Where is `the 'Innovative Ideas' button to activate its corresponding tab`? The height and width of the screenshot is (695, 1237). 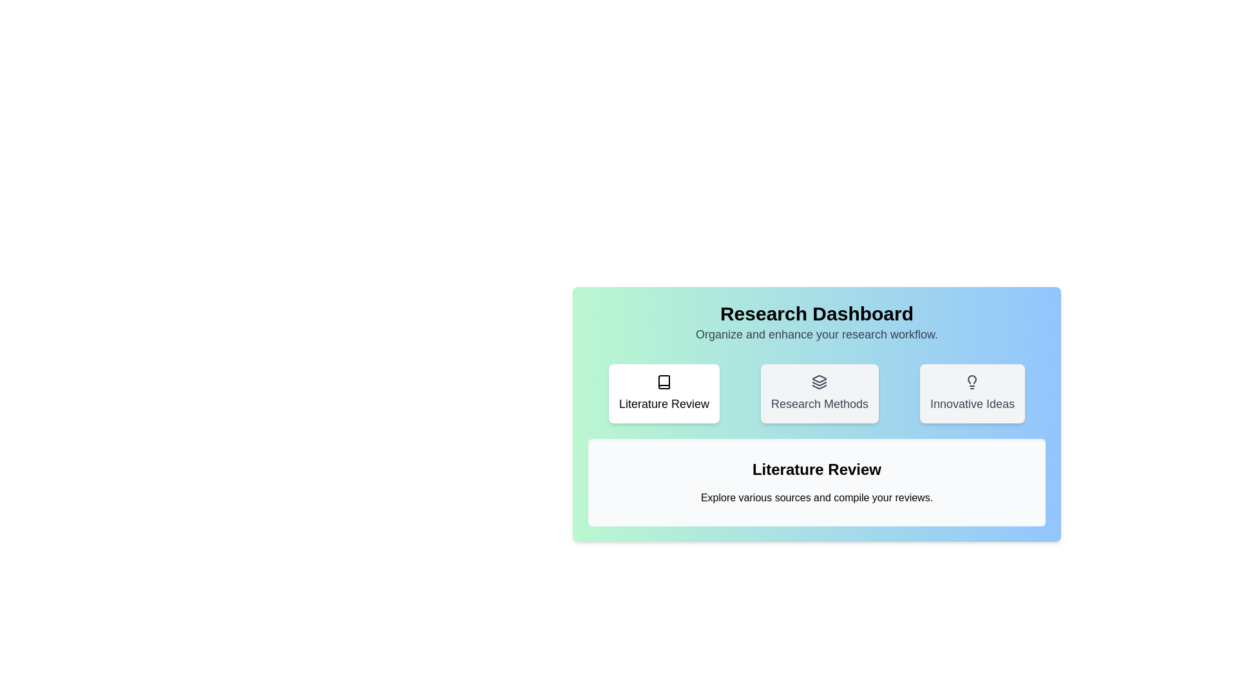 the 'Innovative Ideas' button to activate its corresponding tab is located at coordinates (972, 393).